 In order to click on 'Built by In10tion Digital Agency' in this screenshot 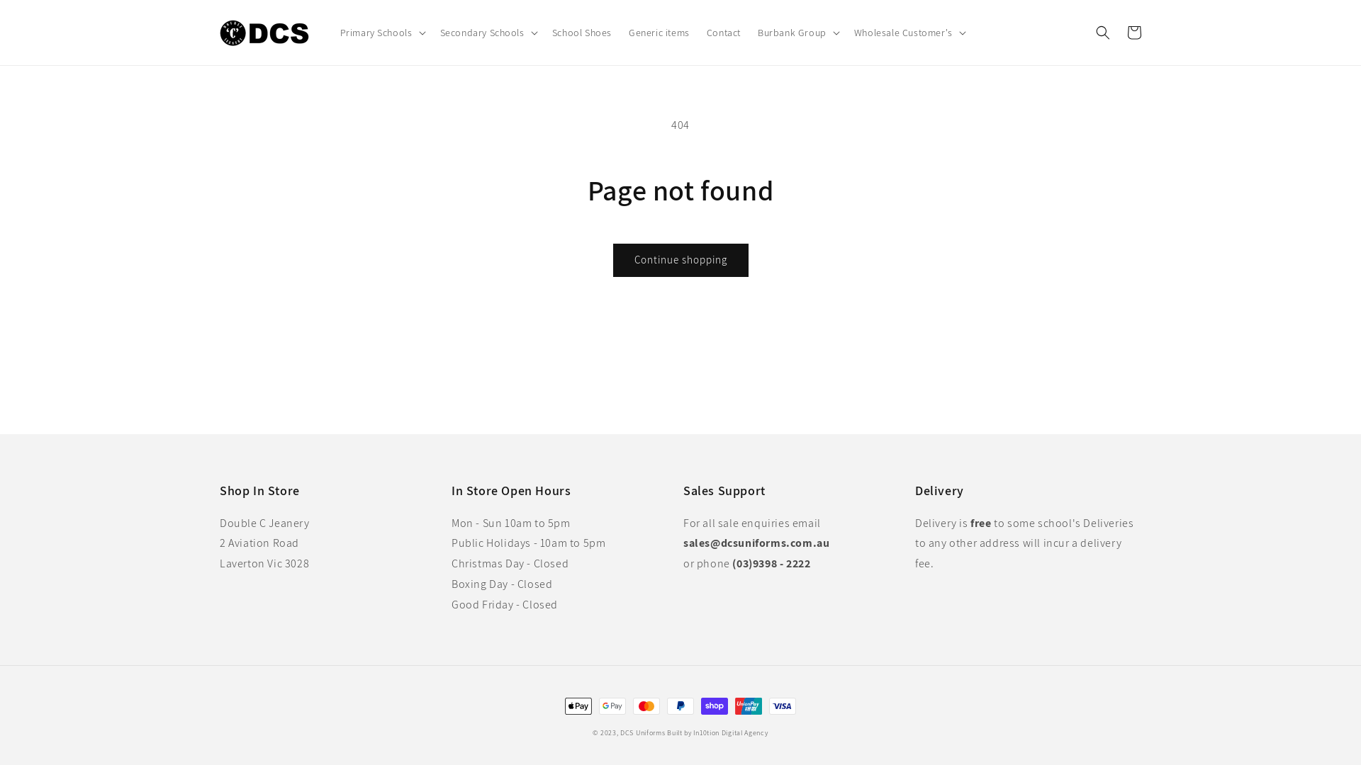, I will do `click(717, 732)`.